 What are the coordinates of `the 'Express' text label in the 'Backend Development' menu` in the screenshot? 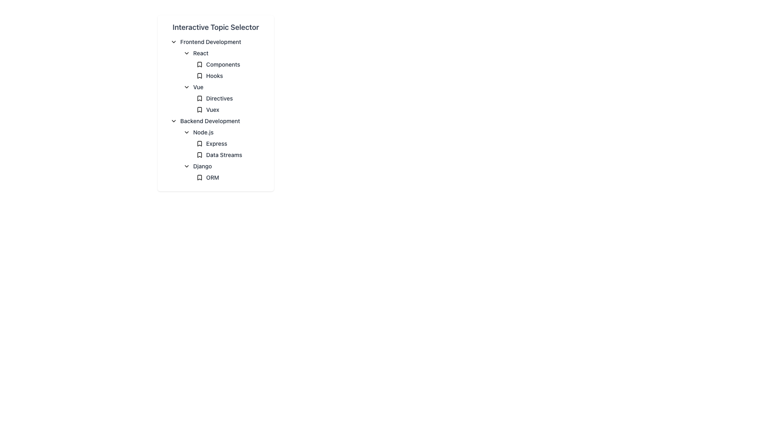 It's located at (217, 143).